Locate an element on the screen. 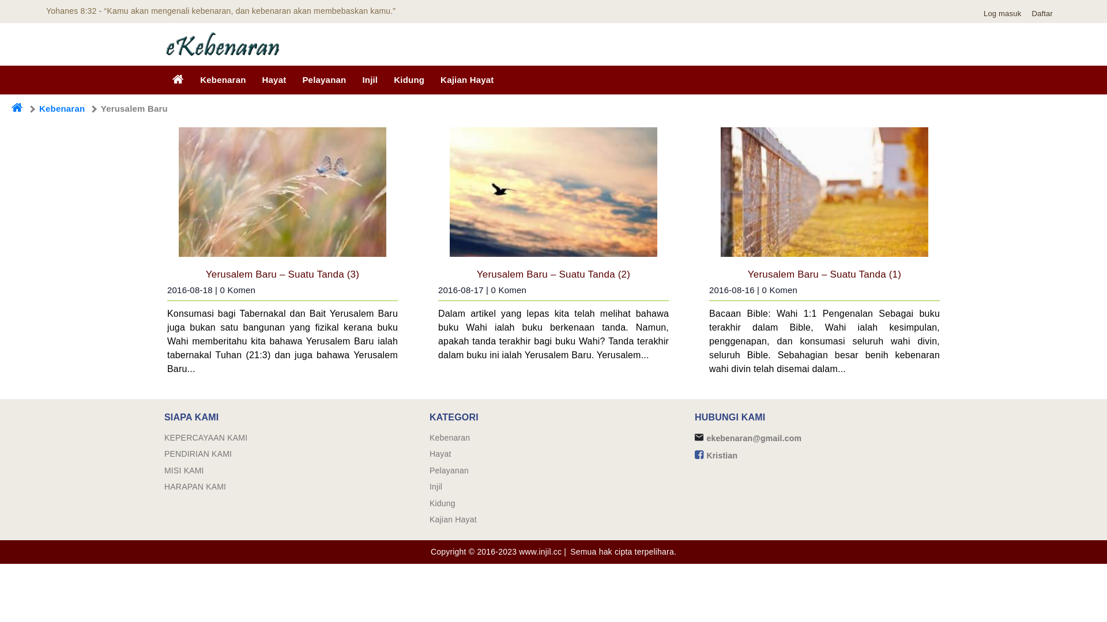 The height and width of the screenshot is (622, 1107). 'HARAPAN KAMI' is located at coordinates (195, 486).